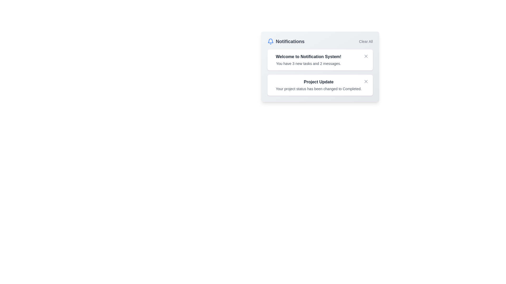 The width and height of the screenshot is (506, 284). Describe the element at coordinates (270, 40) in the screenshot. I see `the bell-shaped notification icon outlined with a blue stroke, located in the top-left corner of the notification dropdown panel, slightly left-aligned with the title 'Notifications'` at that location.